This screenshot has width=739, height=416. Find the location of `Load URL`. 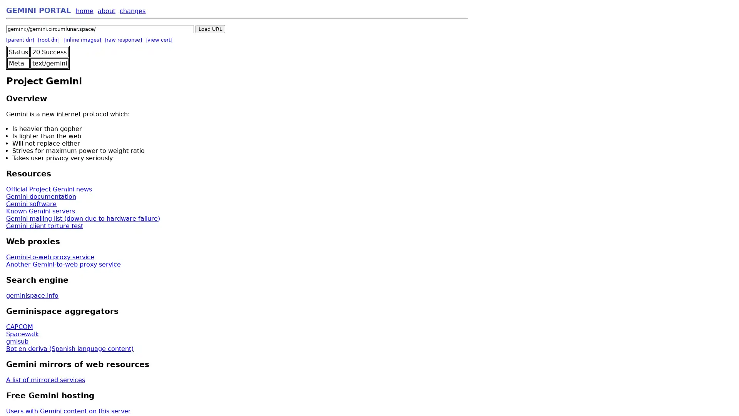

Load URL is located at coordinates (210, 29).